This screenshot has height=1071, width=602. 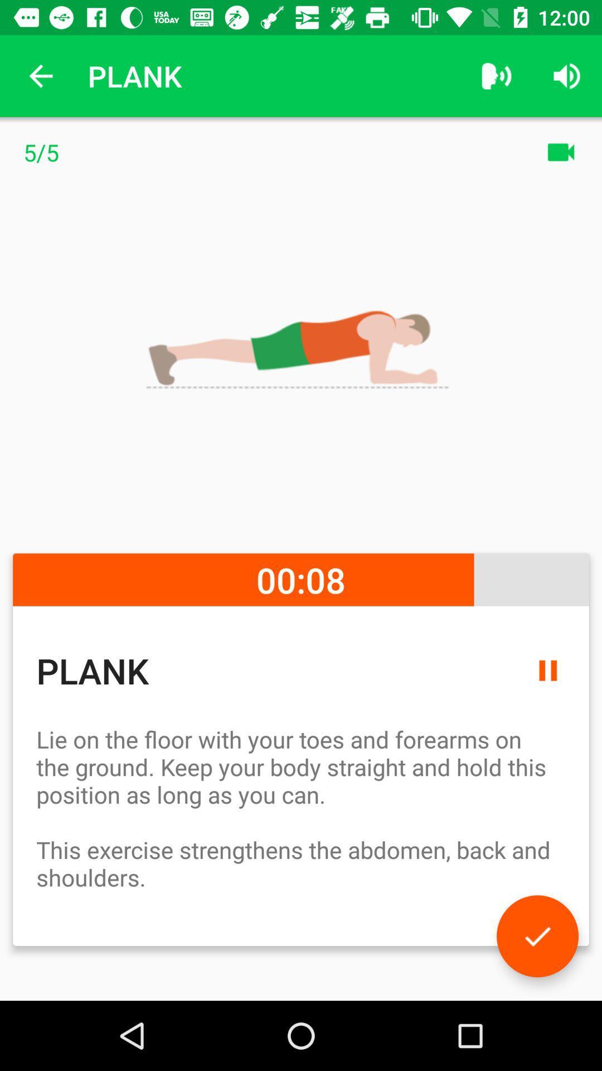 What do you see at coordinates (496, 75) in the screenshot?
I see `the item next to the plank item` at bounding box center [496, 75].